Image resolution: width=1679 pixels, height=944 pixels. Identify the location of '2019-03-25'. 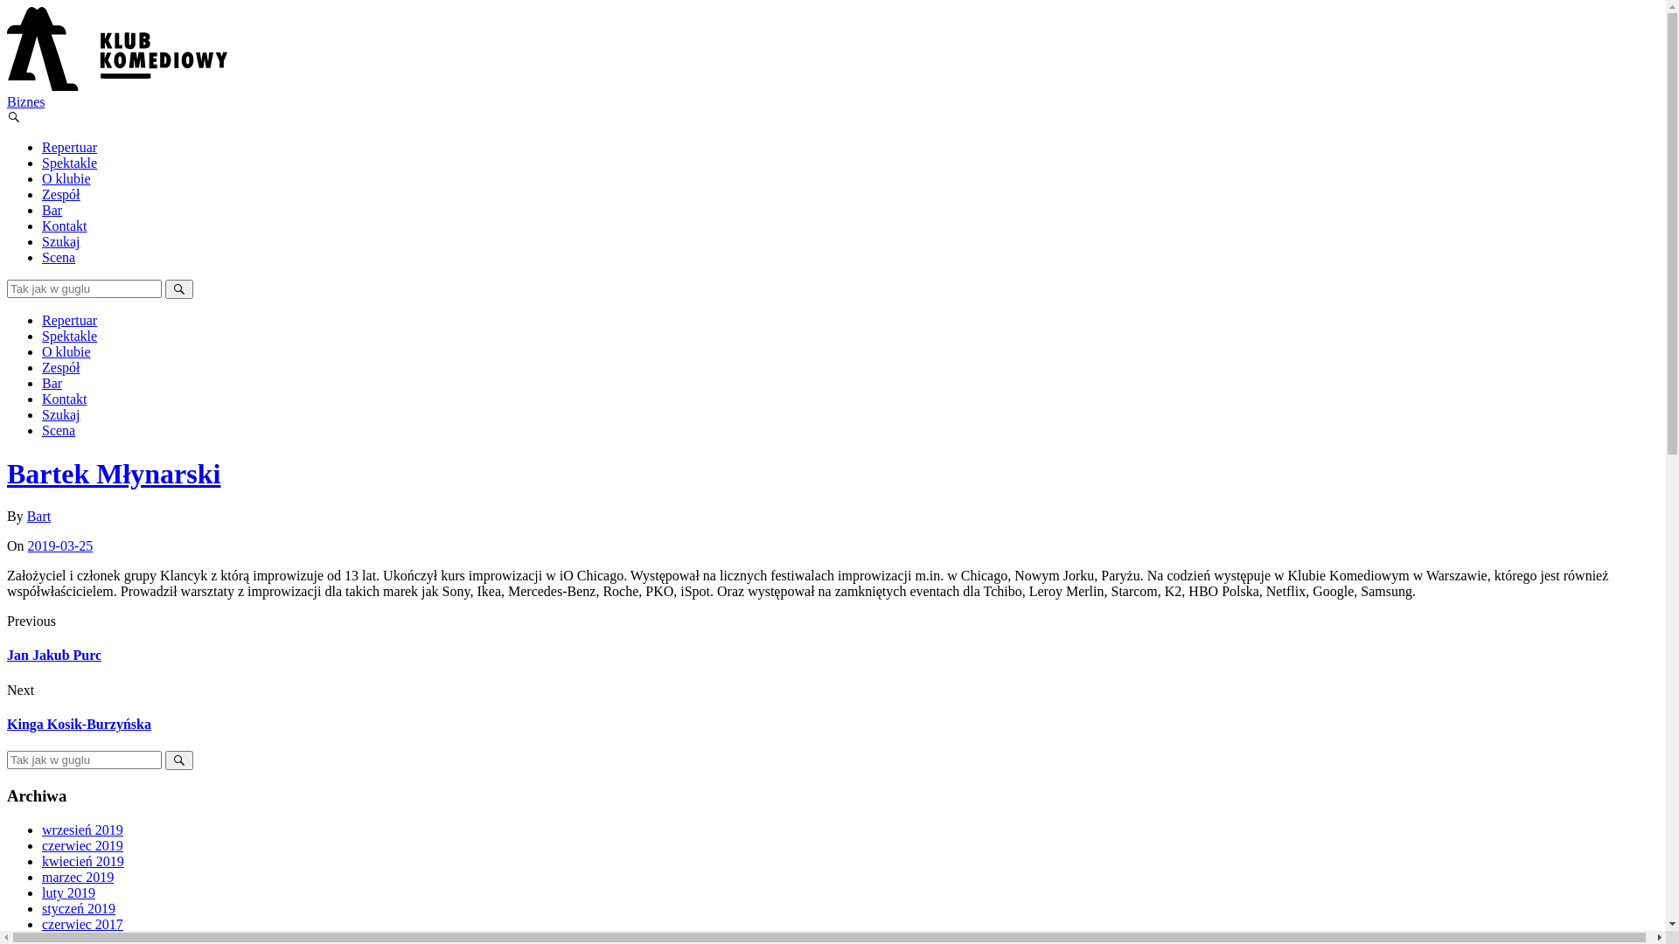
(28, 545).